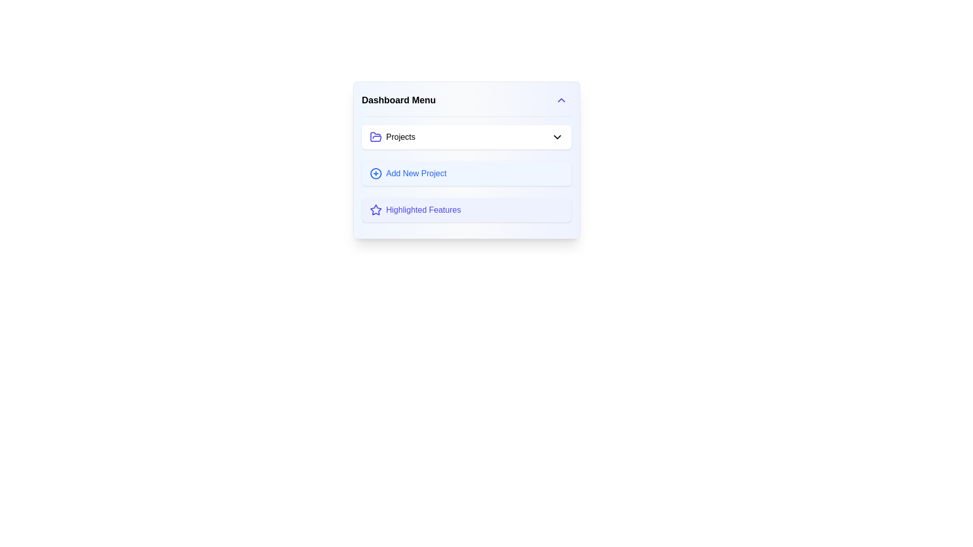 The image size is (973, 547). Describe the element at coordinates (376, 173) in the screenshot. I see `the circular icon with a blue border and white interior that features a cross symbol, located to the left of the text 'Add New Project' within a blue button in the second row of the vertical list under the 'Dashboard Menu'` at that location.